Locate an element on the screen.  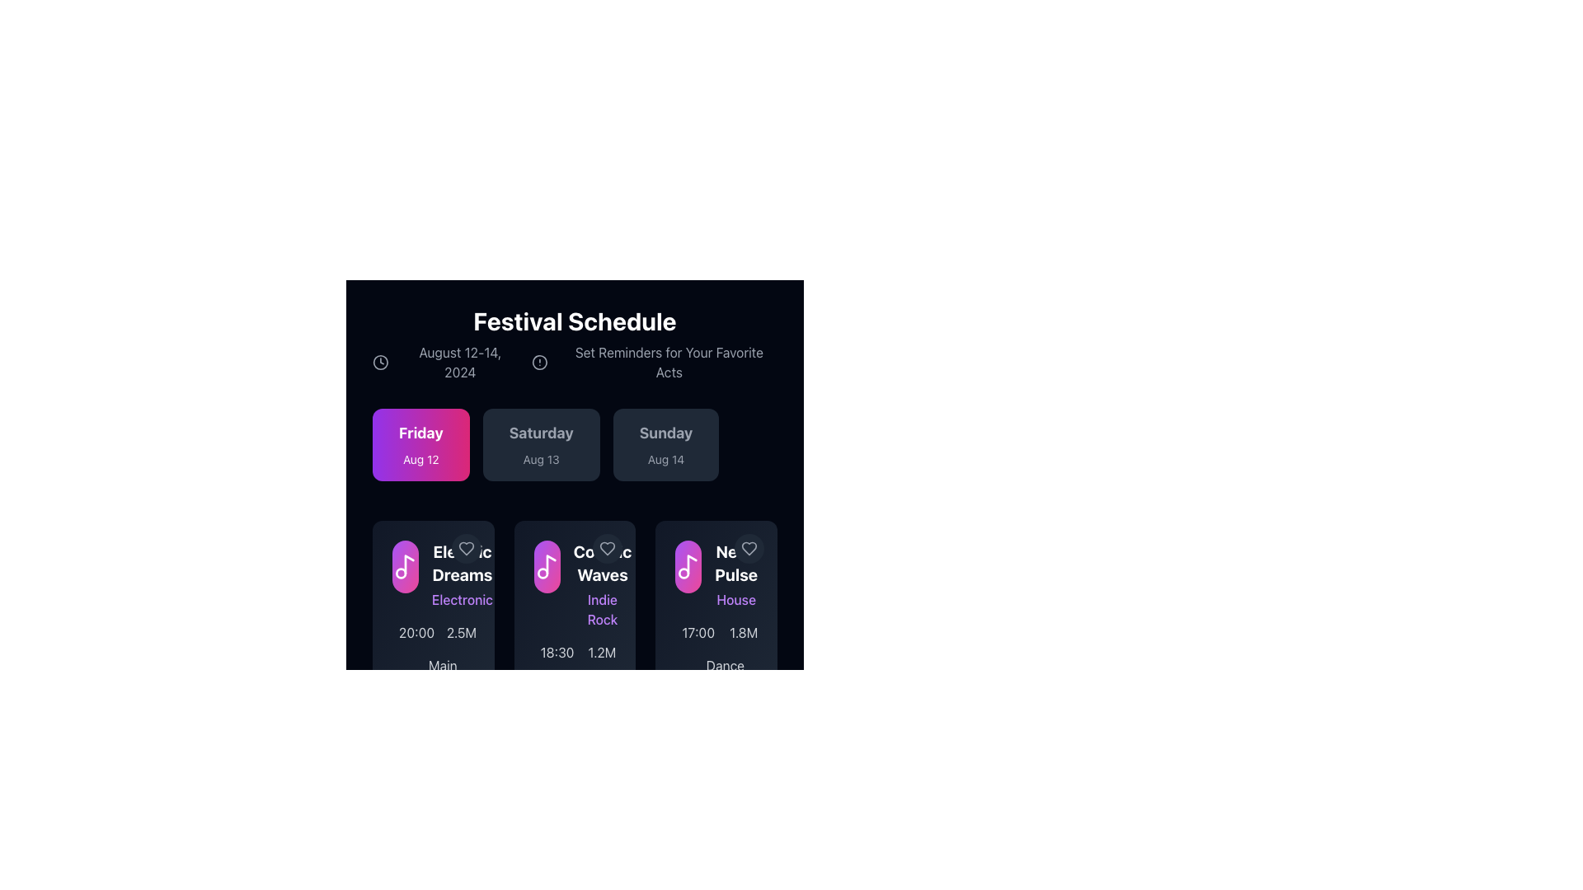
the text label displaying 'Aug 14' located at the bottom of the 'Sunday' card in the date selection list is located at coordinates (665, 460).